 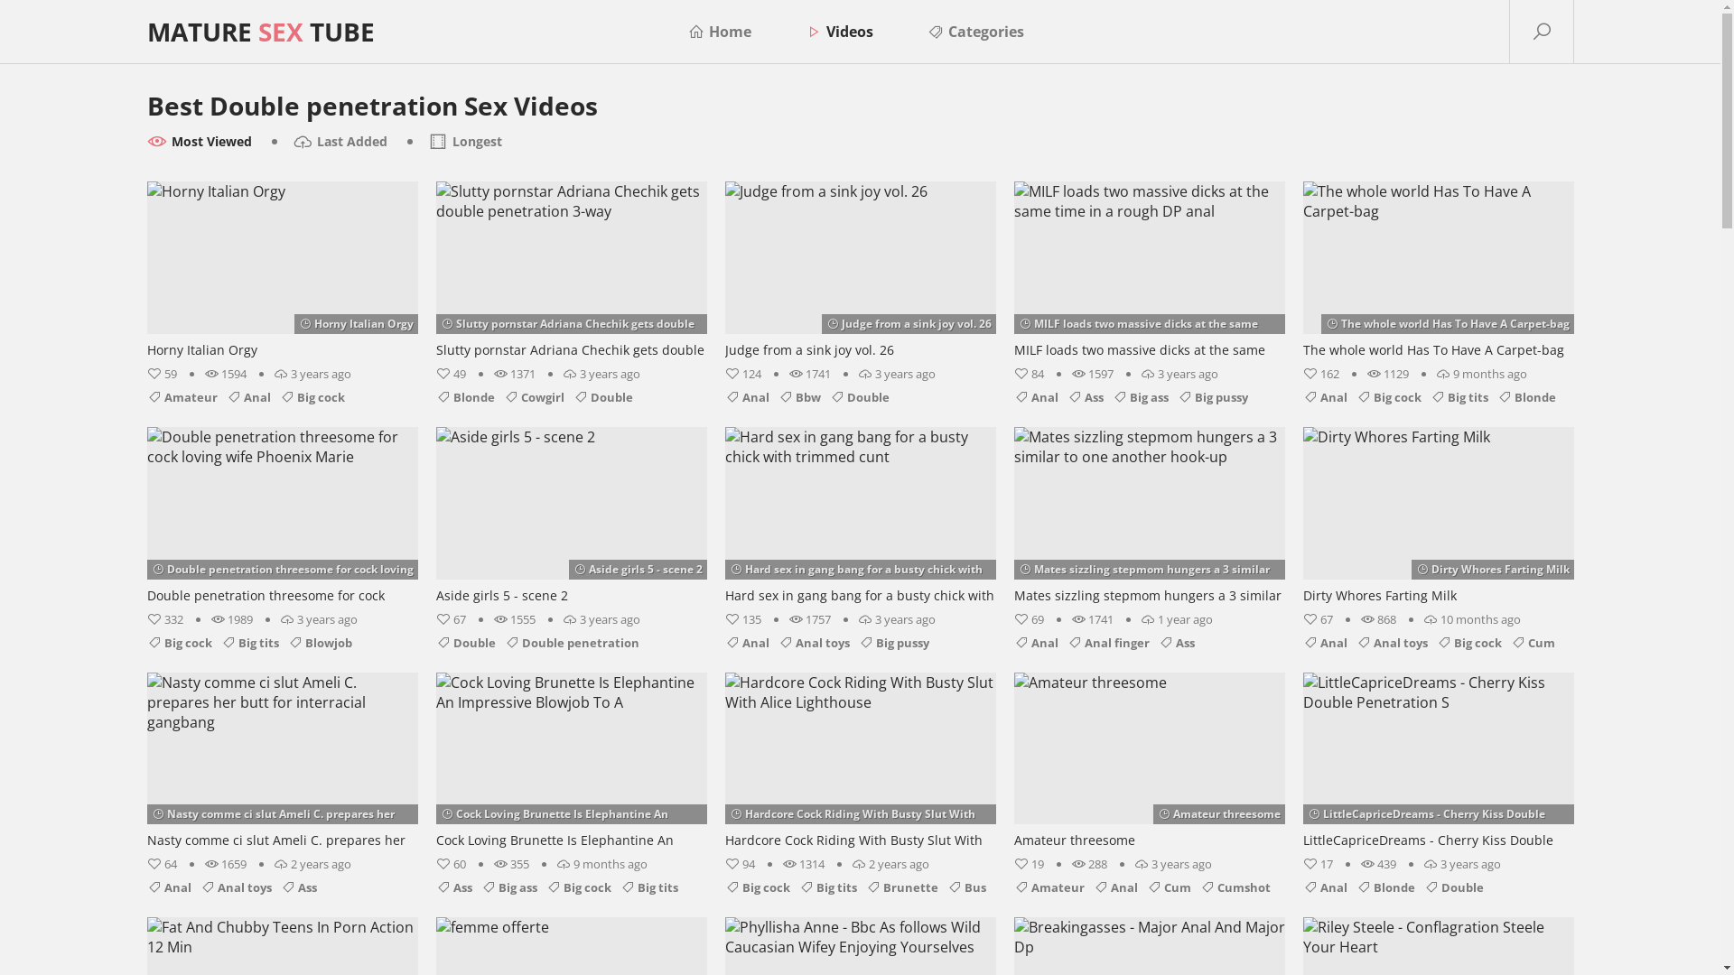 What do you see at coordinates (965, 887) in the screenshot?
I see `'Bus'` at bounding box center [965, 887].